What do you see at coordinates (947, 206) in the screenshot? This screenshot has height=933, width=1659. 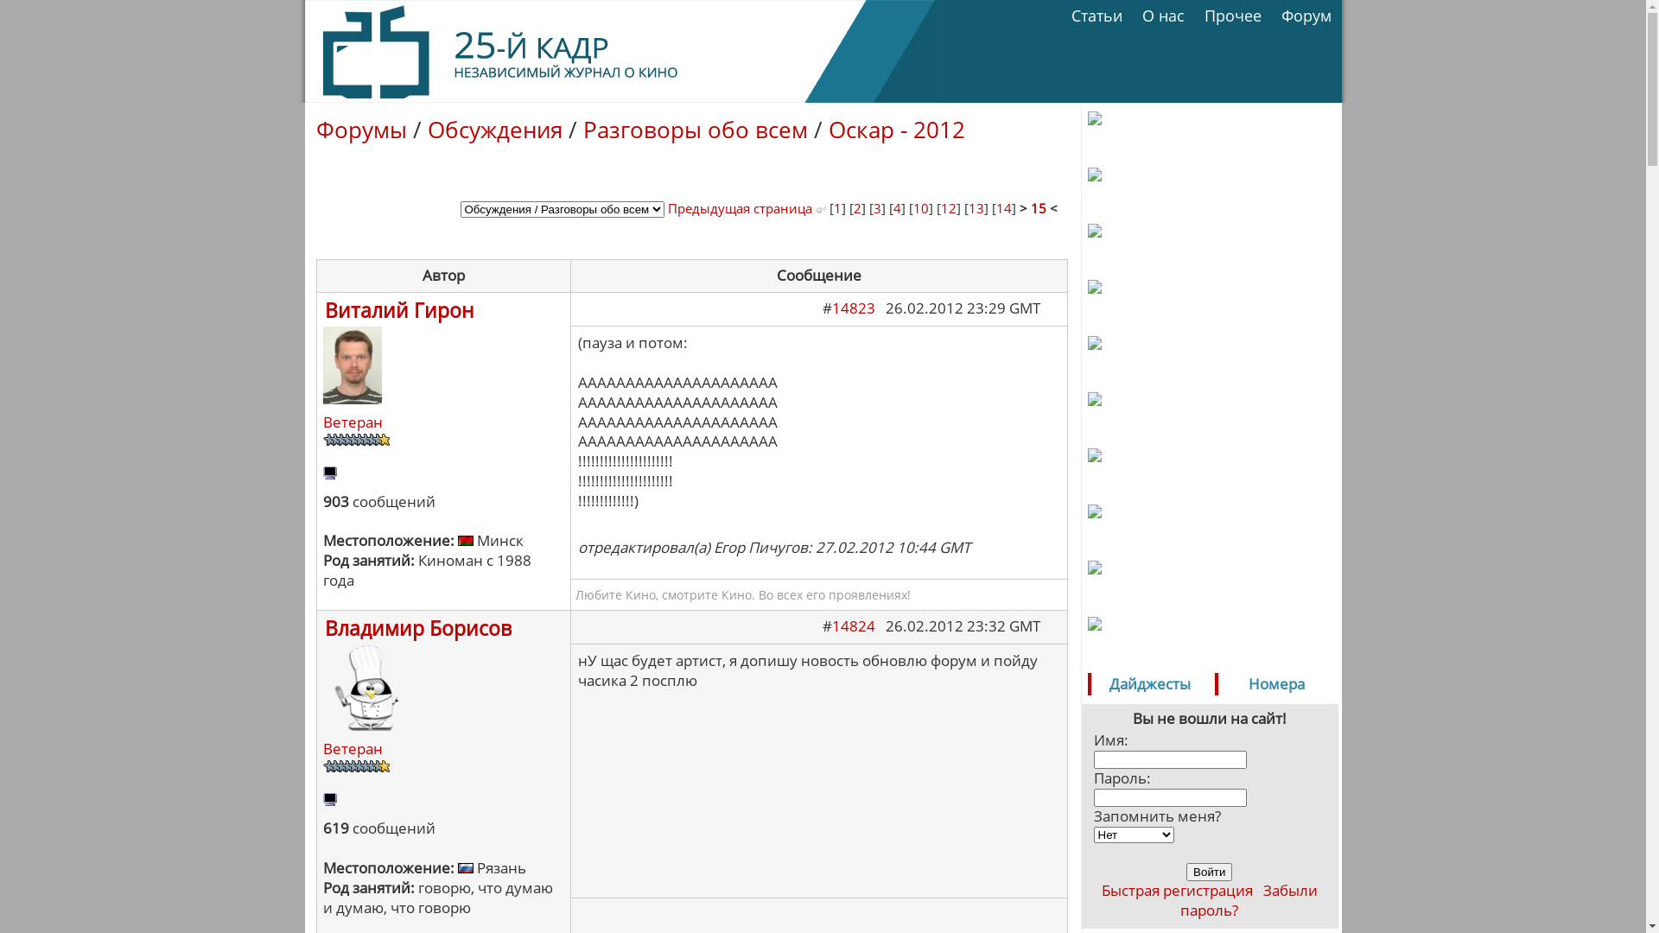 I see `'12'` at bounding box center [947, 206].